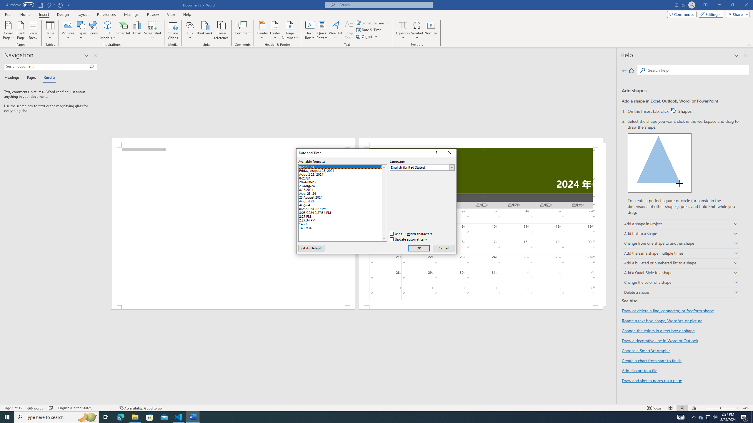  Describe the element at coordinates (309, 30) in the screenshot. I see `'Text Box'` at that location.